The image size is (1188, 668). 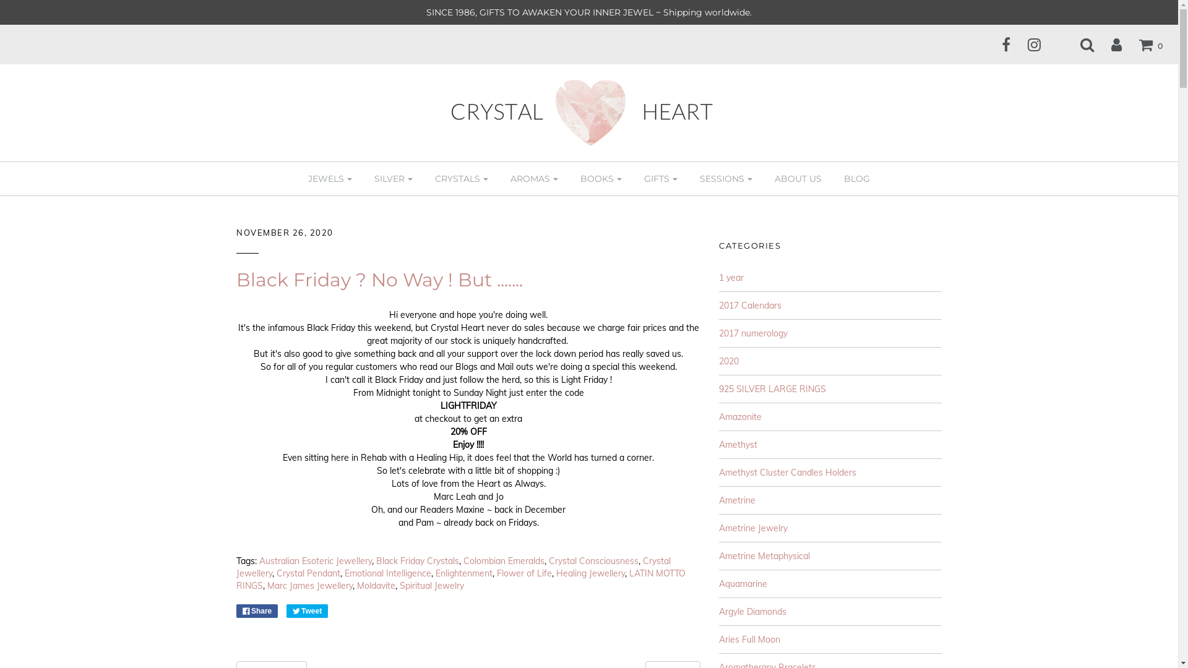 I want to click on 'BLOG', so click(x=856, y=179).